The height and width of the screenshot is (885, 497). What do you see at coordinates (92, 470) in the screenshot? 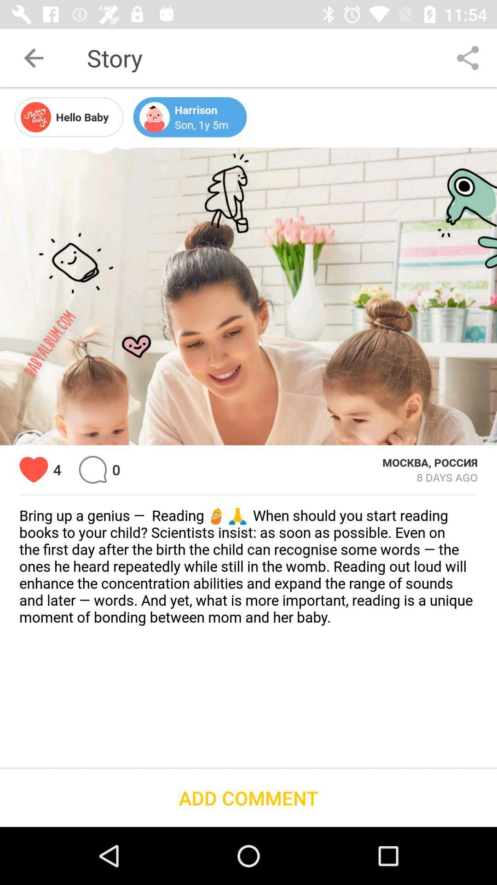
I see `the item next to 4` at bounding box center [92, 470].